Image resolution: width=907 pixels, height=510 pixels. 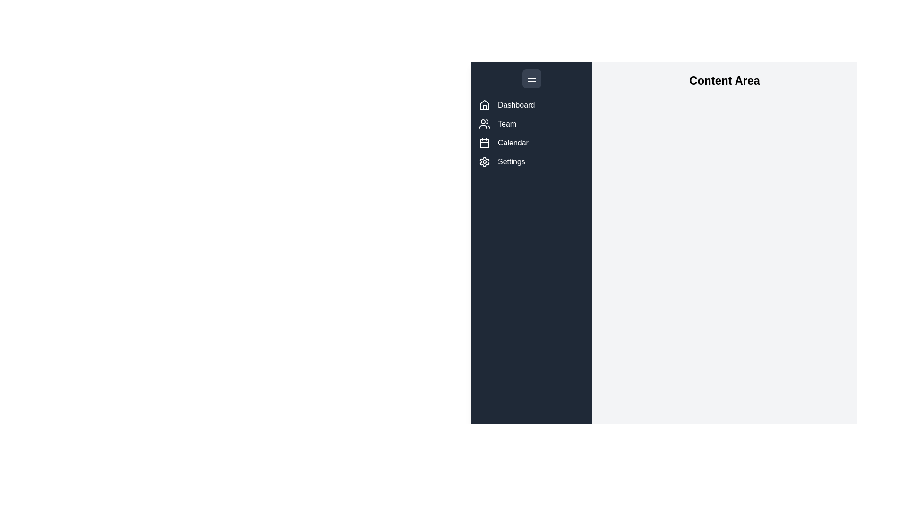 I want to click on the menu item labeled Dashboard to view its tooltip, so click(x=485, y=105).